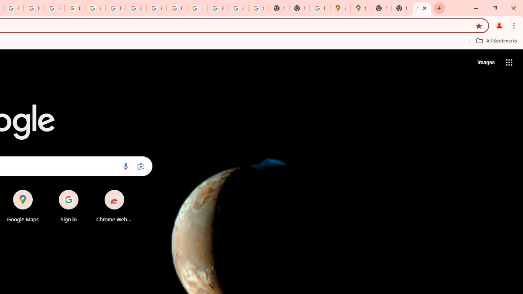 The width and height of the screenshot is (523, 294). Describe the element at coordinates (498, 25) in the screenshot. I see `'You'` at that location.